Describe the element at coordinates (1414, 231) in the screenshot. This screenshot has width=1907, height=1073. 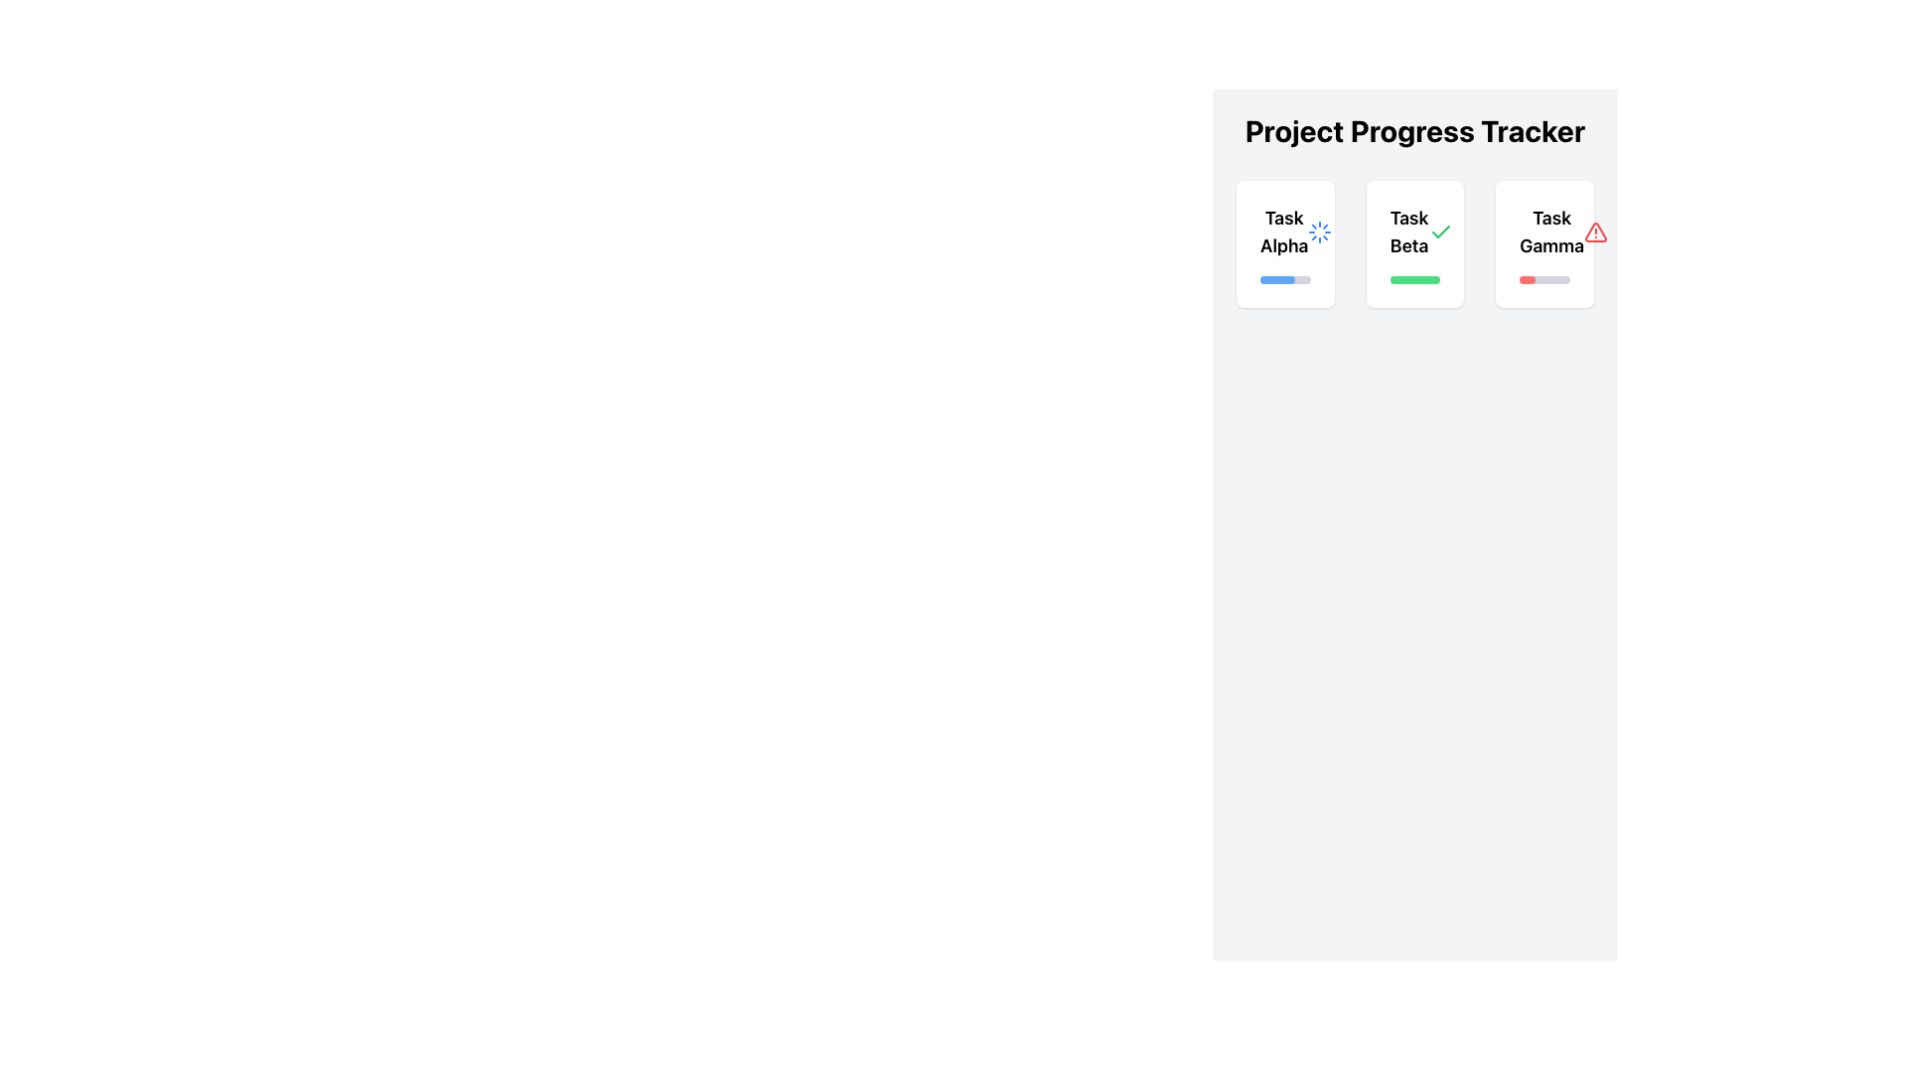
I see `the text details of the 'Task Beta' display component, which features a bold black font and a green checkmark icon, located in the second task card of the 'Project Progress Tracker' section` at that location.